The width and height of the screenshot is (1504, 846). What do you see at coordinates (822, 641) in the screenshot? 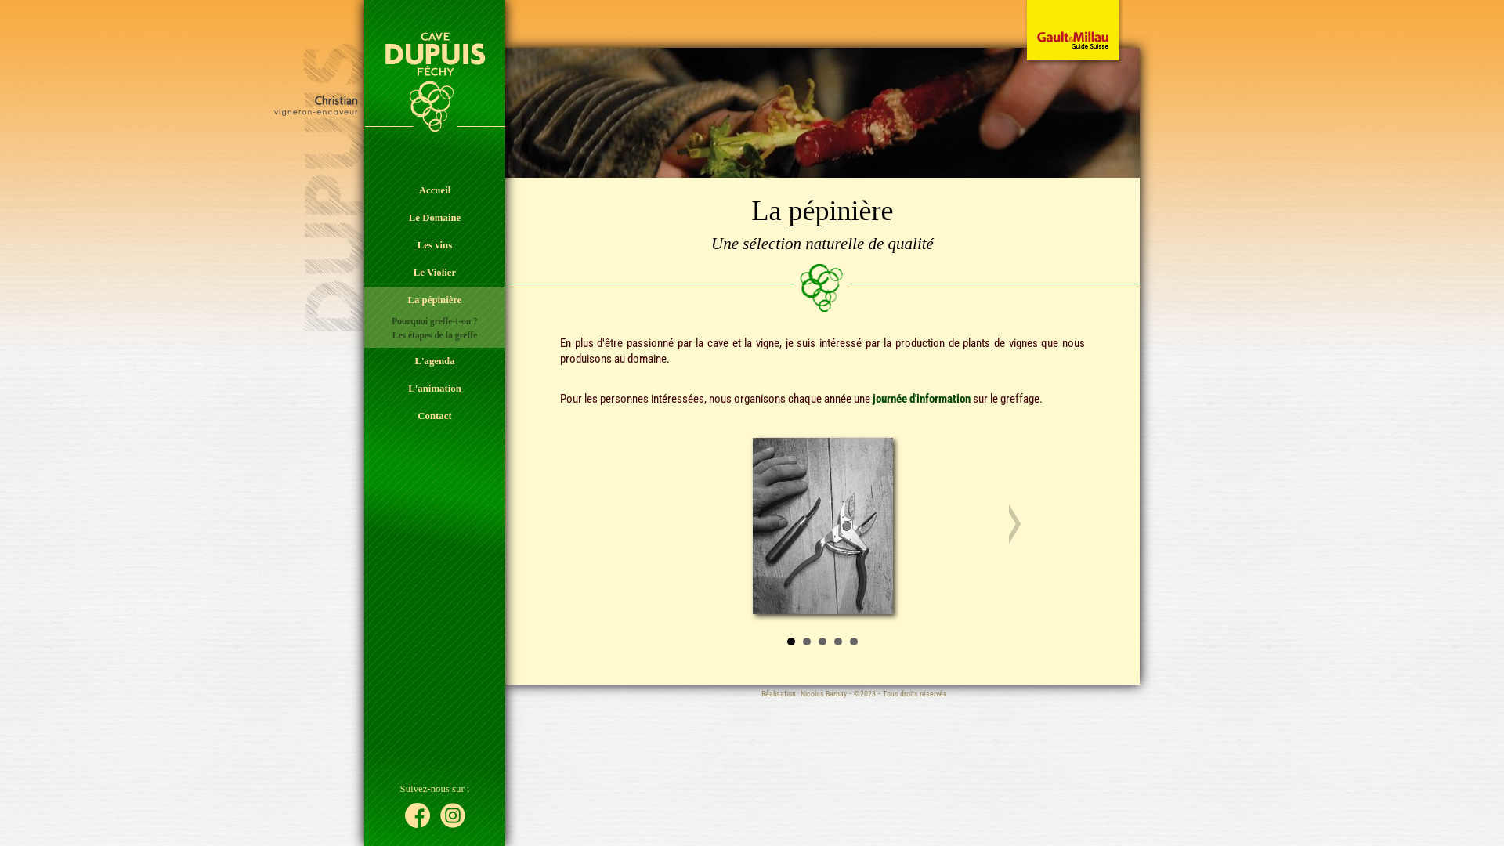
I see `'3'` at bounding box center [822, 641].